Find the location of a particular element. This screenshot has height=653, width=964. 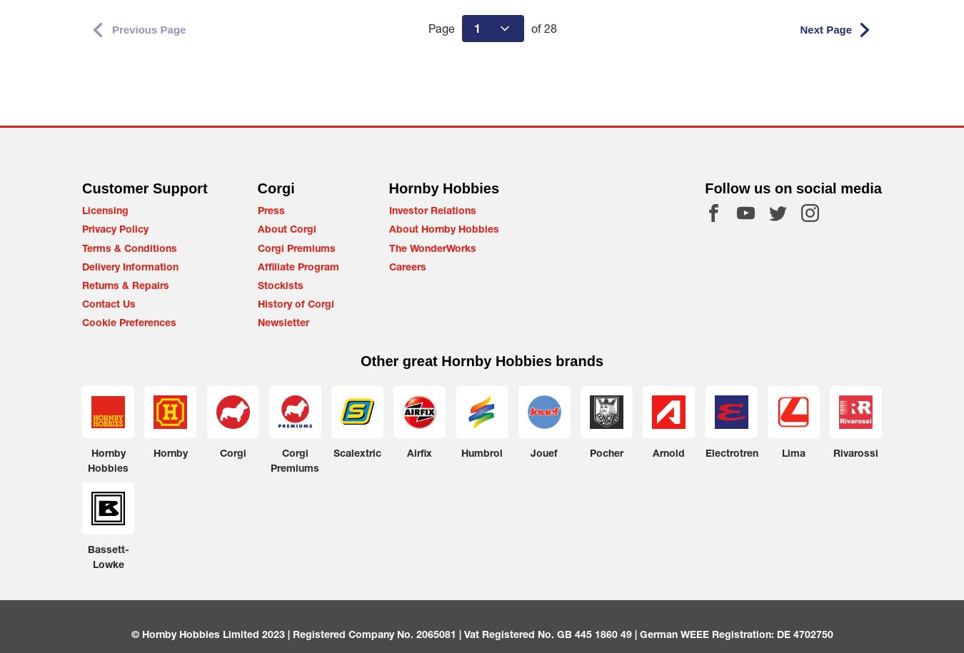

'Cookie Preferences' is located at coordinates (82, 322).